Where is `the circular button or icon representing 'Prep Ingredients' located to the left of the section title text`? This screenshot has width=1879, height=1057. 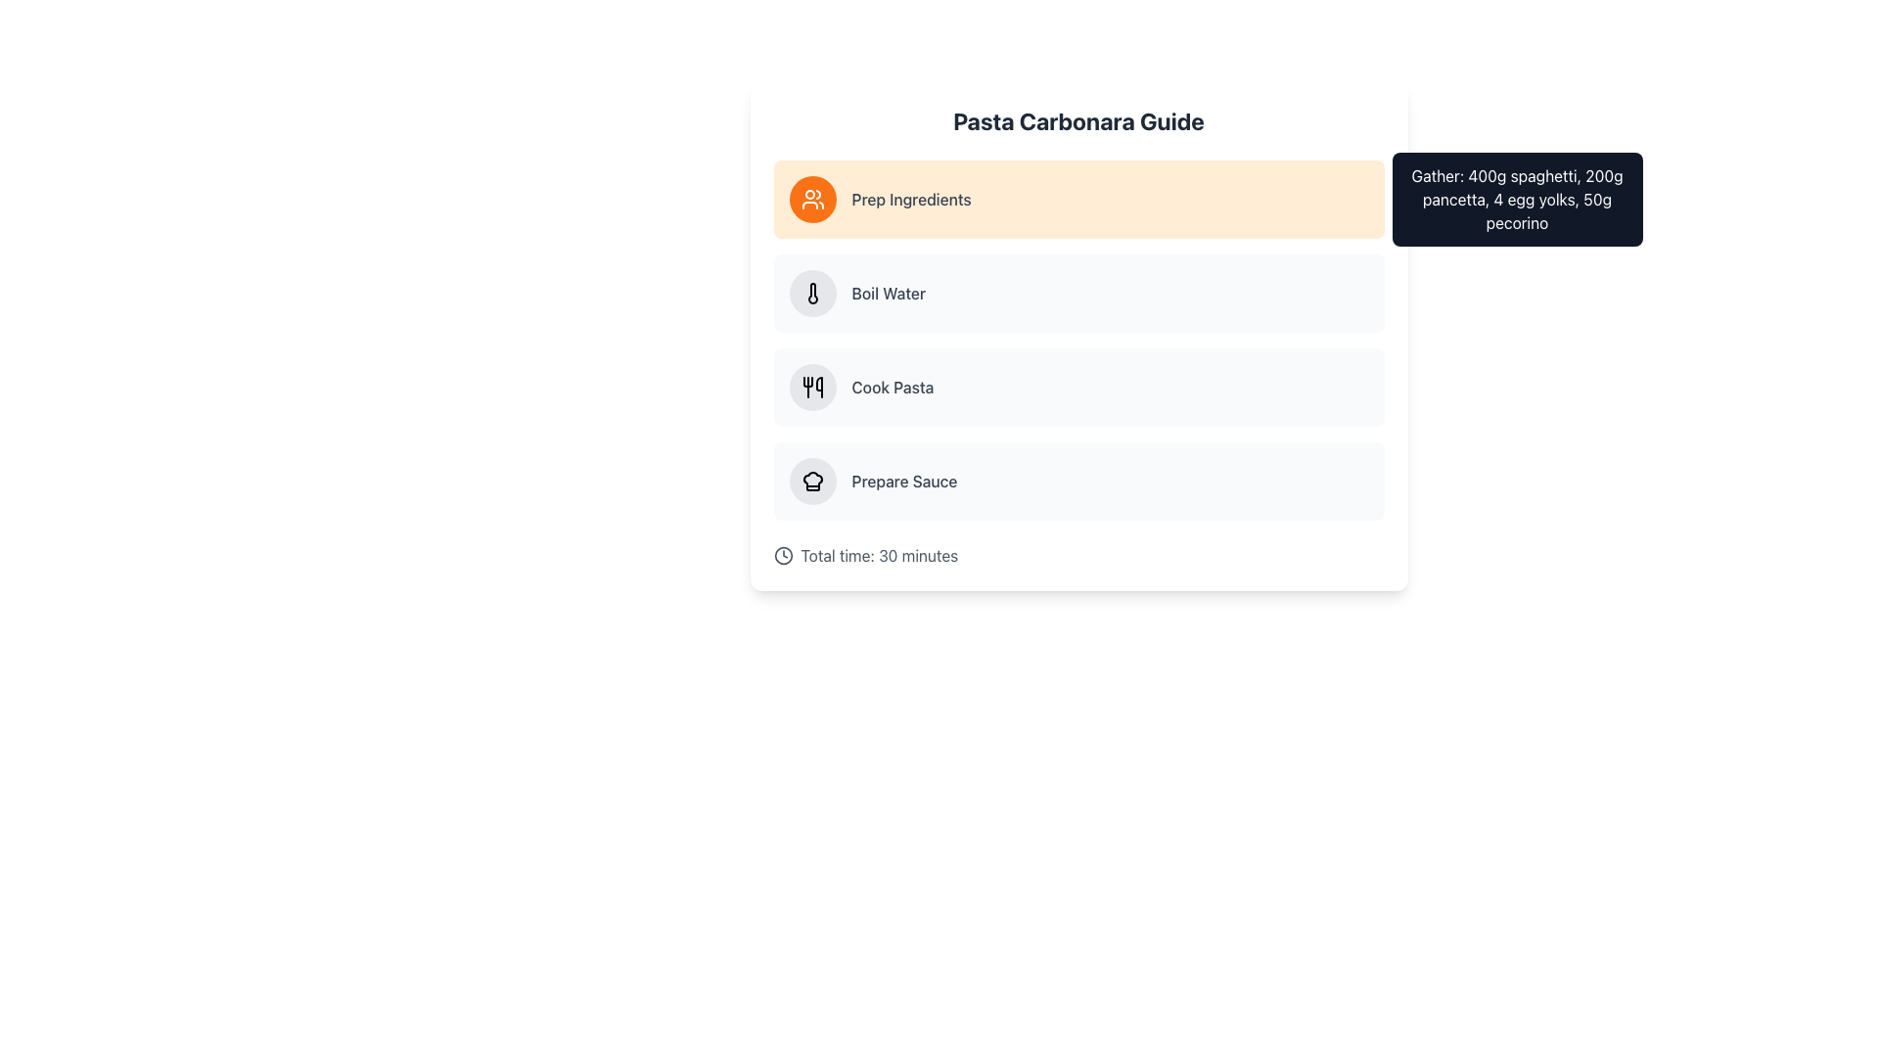 the circular button or icon representing 'Prep Ingredients' located to the left of the section title text is located at coordinates (812, 200).